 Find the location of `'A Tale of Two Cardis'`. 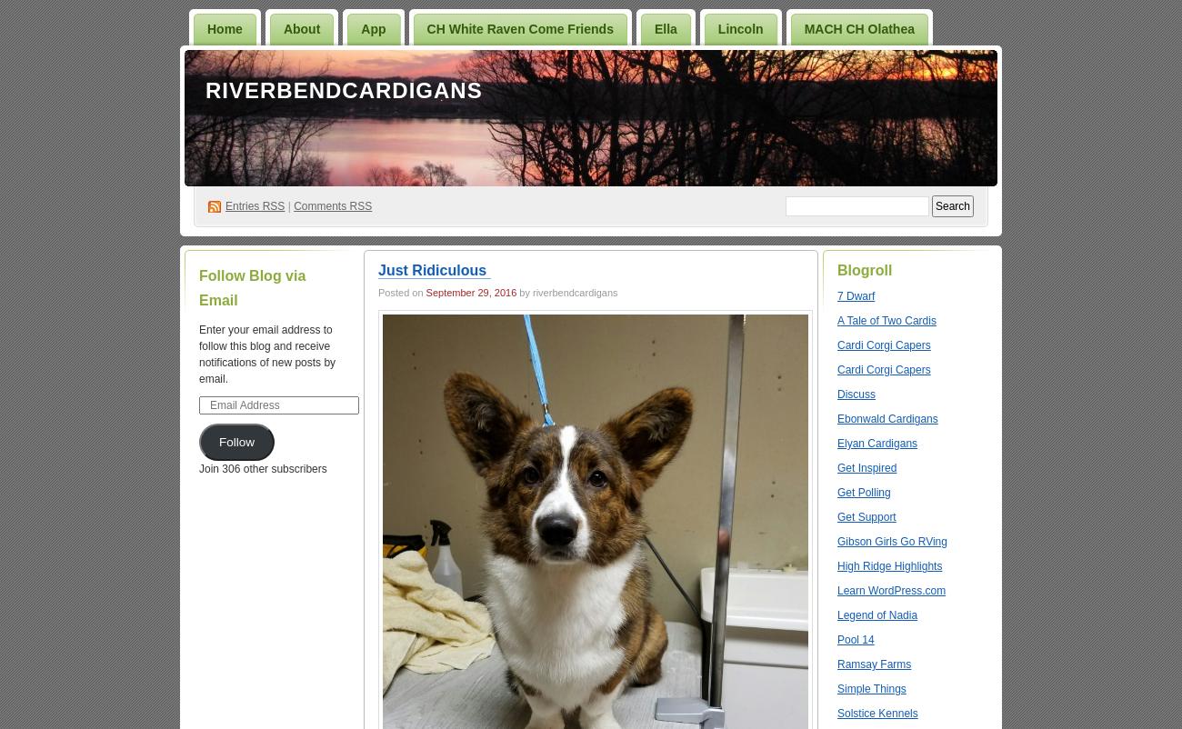

'A Tale of Two Cardis' is located at coordinates (836, 320).